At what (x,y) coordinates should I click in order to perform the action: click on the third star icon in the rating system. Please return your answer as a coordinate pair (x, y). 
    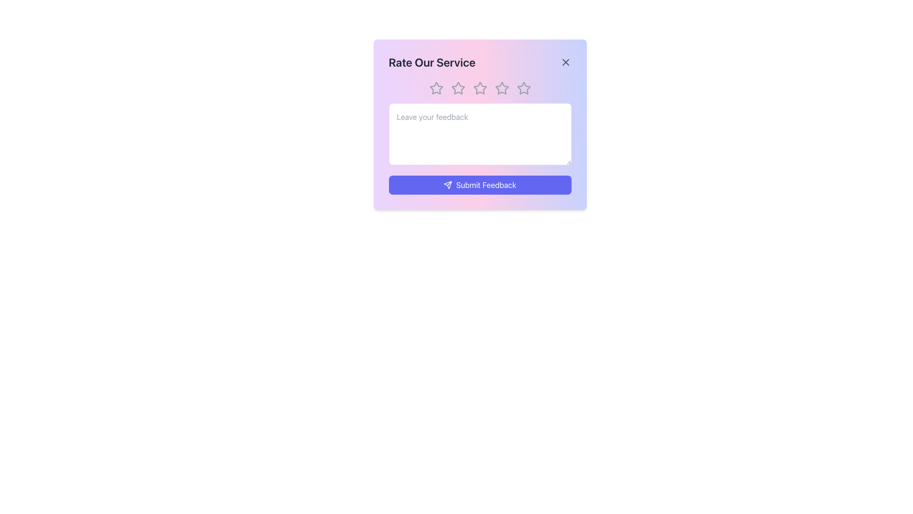
    Looking at the image, I should click on (479, 88).